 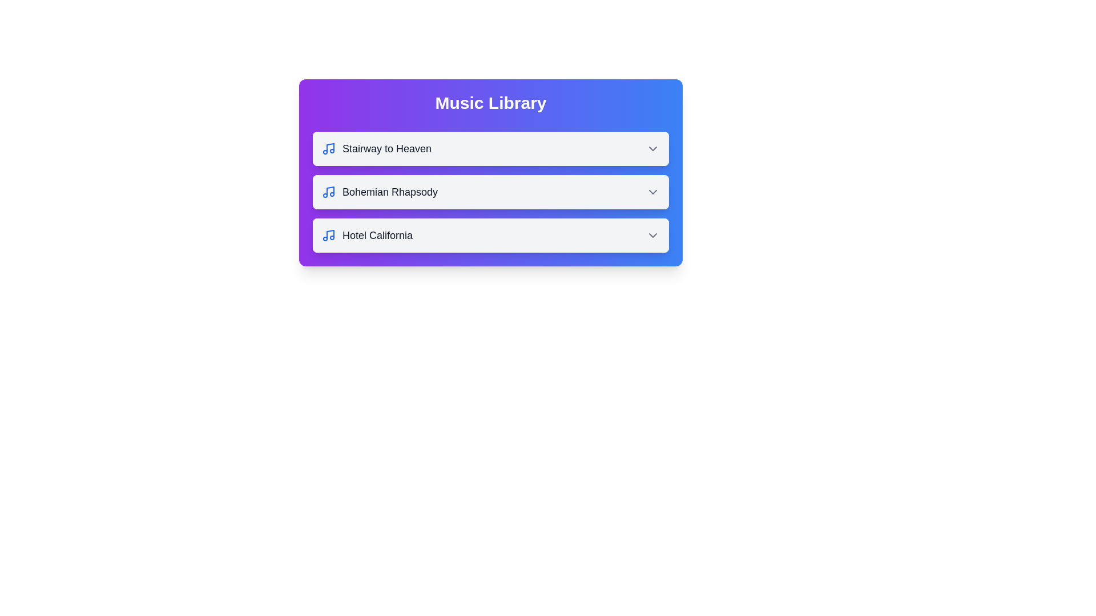 I want to click on the label reading 'Bohemian Rhapsody' which is styled with a bold font and accompanied by a blue musical icon, located in the 'Music Library' section as the second item in a vertical list, so click(x=380, y=191).